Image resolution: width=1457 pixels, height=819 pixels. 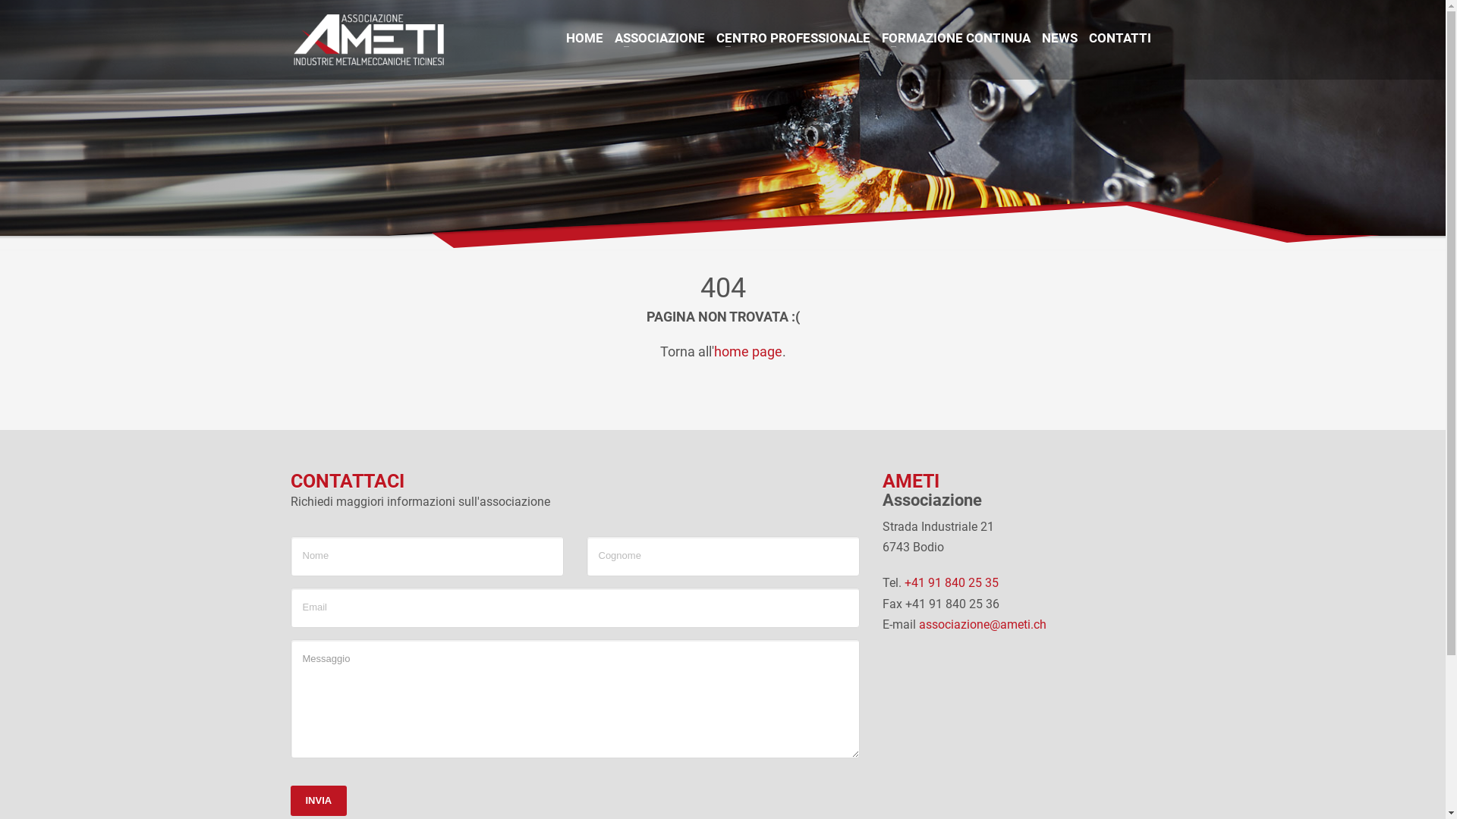 I want to click on 'INVIA', so click(x=290, y=800).